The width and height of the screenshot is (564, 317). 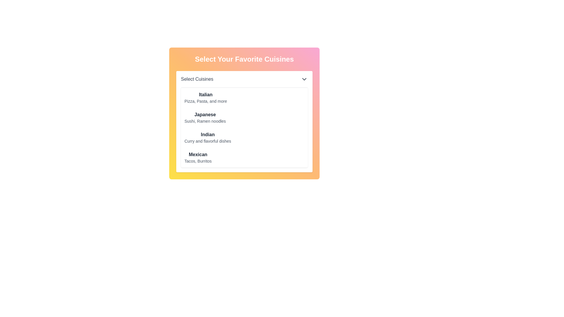 What do you see at coordinates (206, 95) in the screenshot?
I see `text of the bold label 'Italian' located in the dropdown menu under the 'Select Cuisines' section, which is the first item in the list` at bounding box center [206, 95].